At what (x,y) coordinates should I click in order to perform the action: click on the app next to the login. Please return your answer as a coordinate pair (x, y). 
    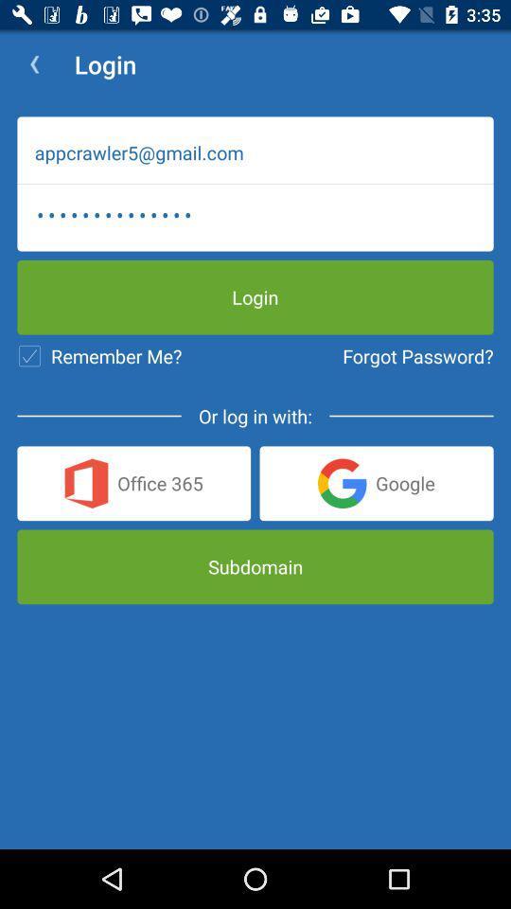
    Looking at the image, I should click on (34, 64).